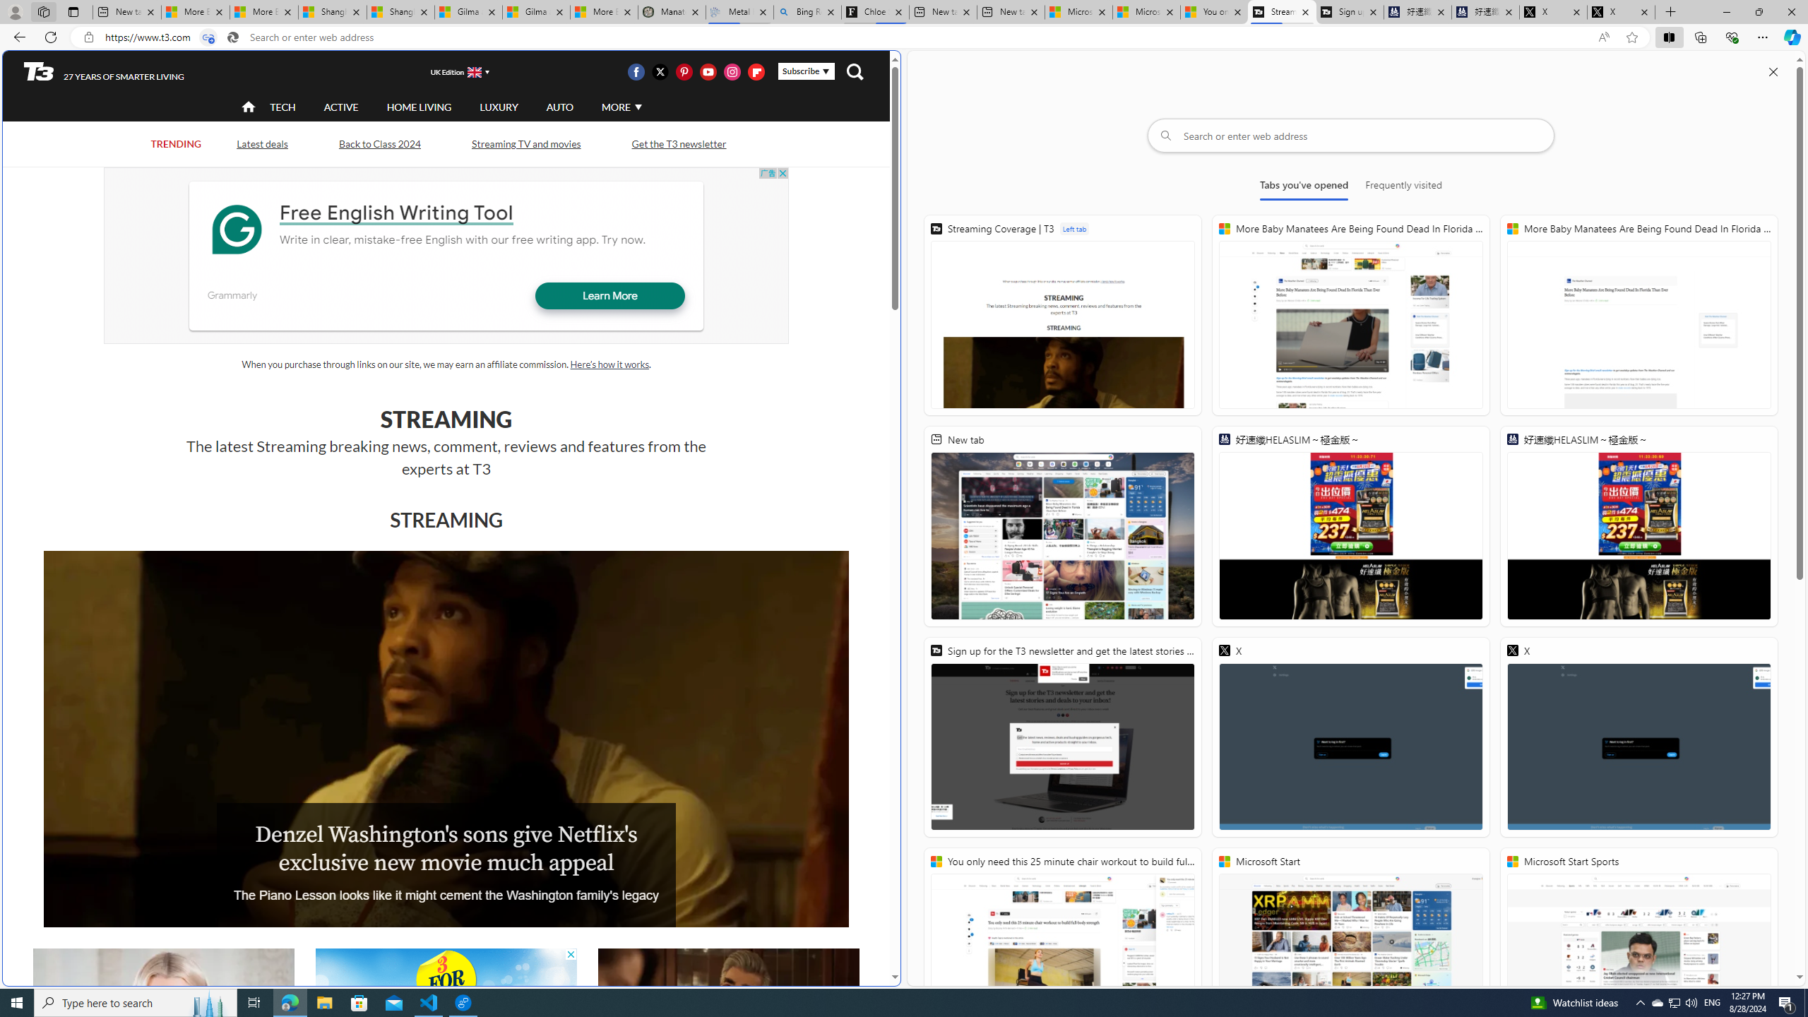 The height and width of the screenshot is (1017, 1808). What do you see at coordinates (475, 71) in the screenshot?
I see `'flag of UK'` at bounding box center [475, 71].